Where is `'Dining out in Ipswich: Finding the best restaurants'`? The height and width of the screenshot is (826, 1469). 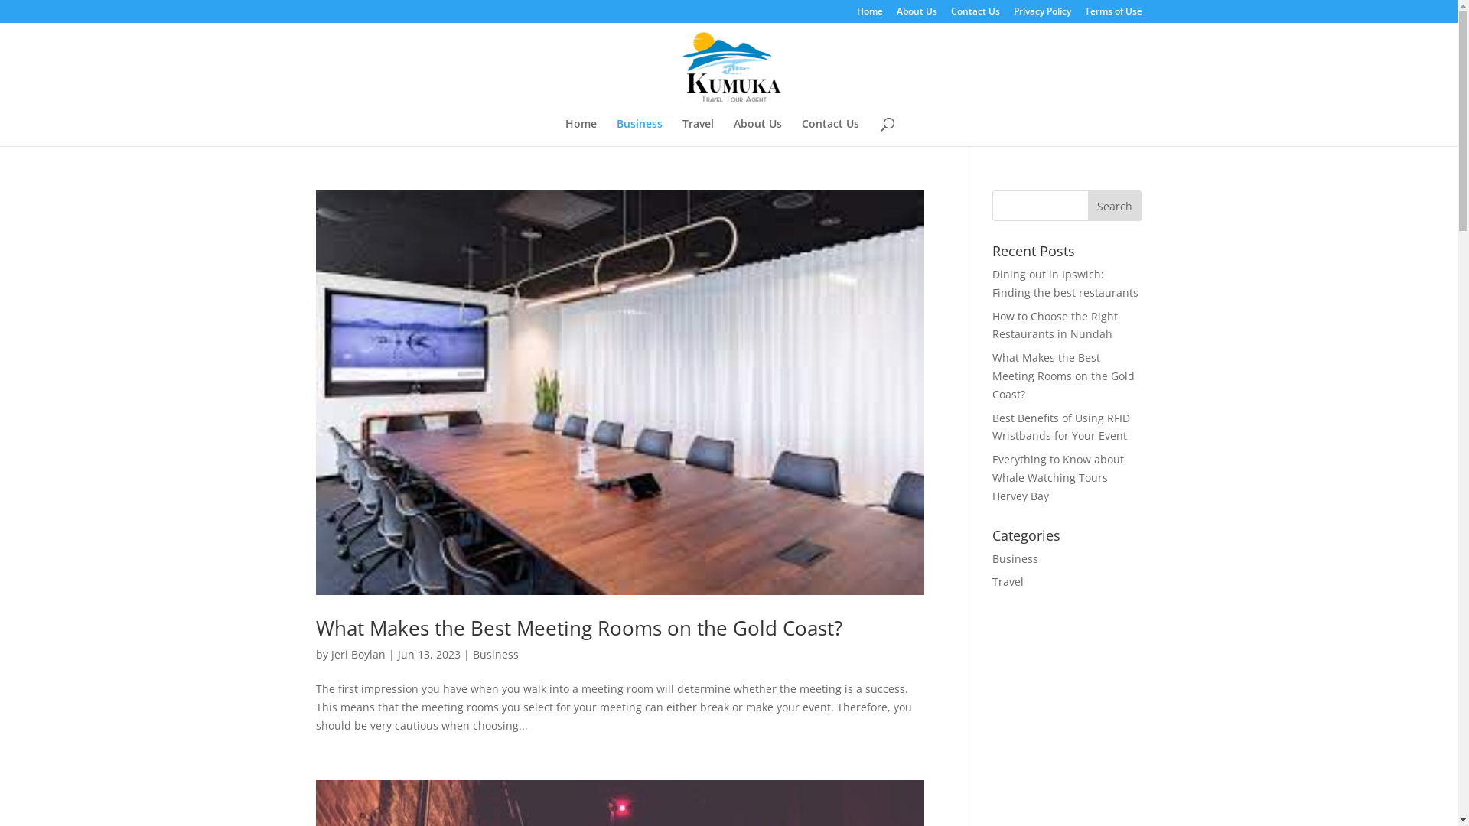 'Dining out in Ipswich: Finding the best restaurants' is located at coordinates (1064, 283).